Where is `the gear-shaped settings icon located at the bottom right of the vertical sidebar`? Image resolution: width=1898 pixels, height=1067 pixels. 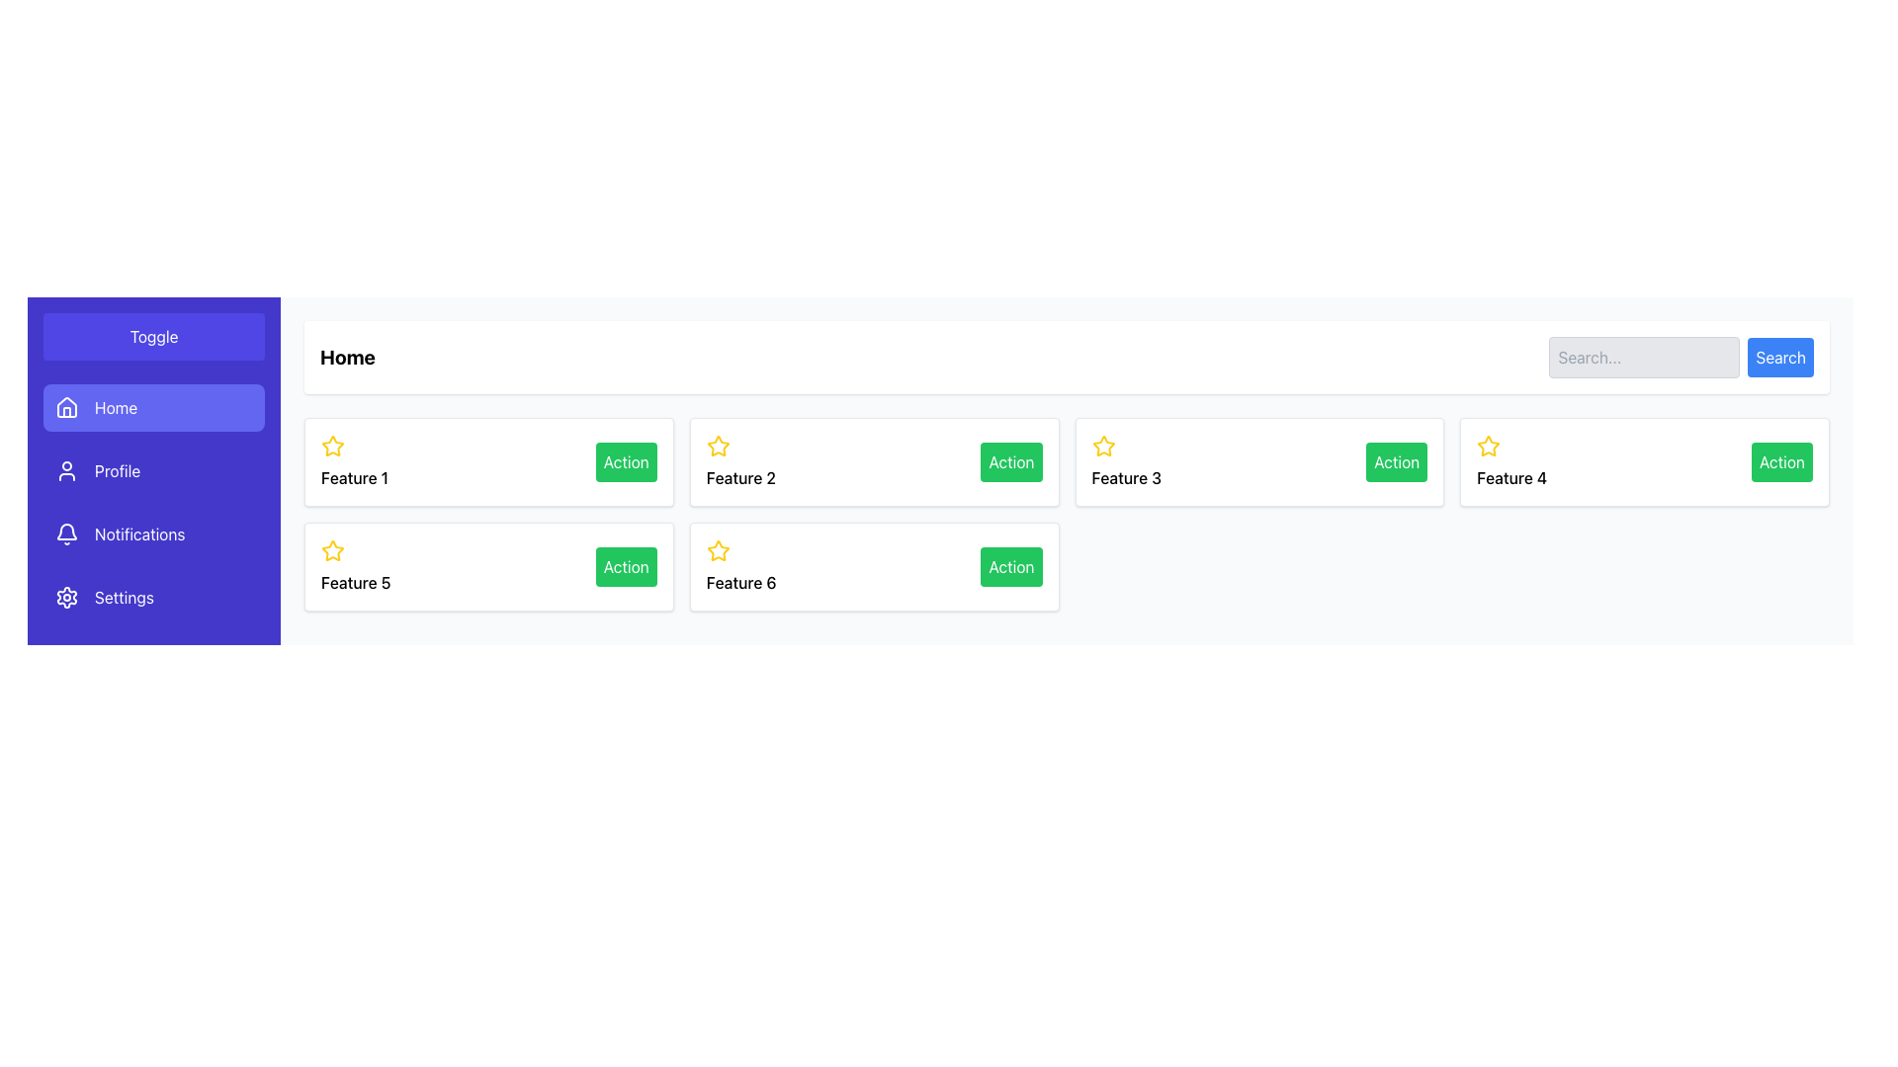
the gear-shaped settings icon located at the bottom right of the vertical sidebar is located at coordinates (66, 597).